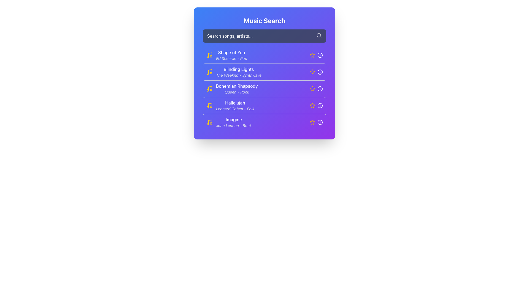  I want to click on the 'Info' button located to the right of the song title for 'Hallelujah', so click(320, 106).